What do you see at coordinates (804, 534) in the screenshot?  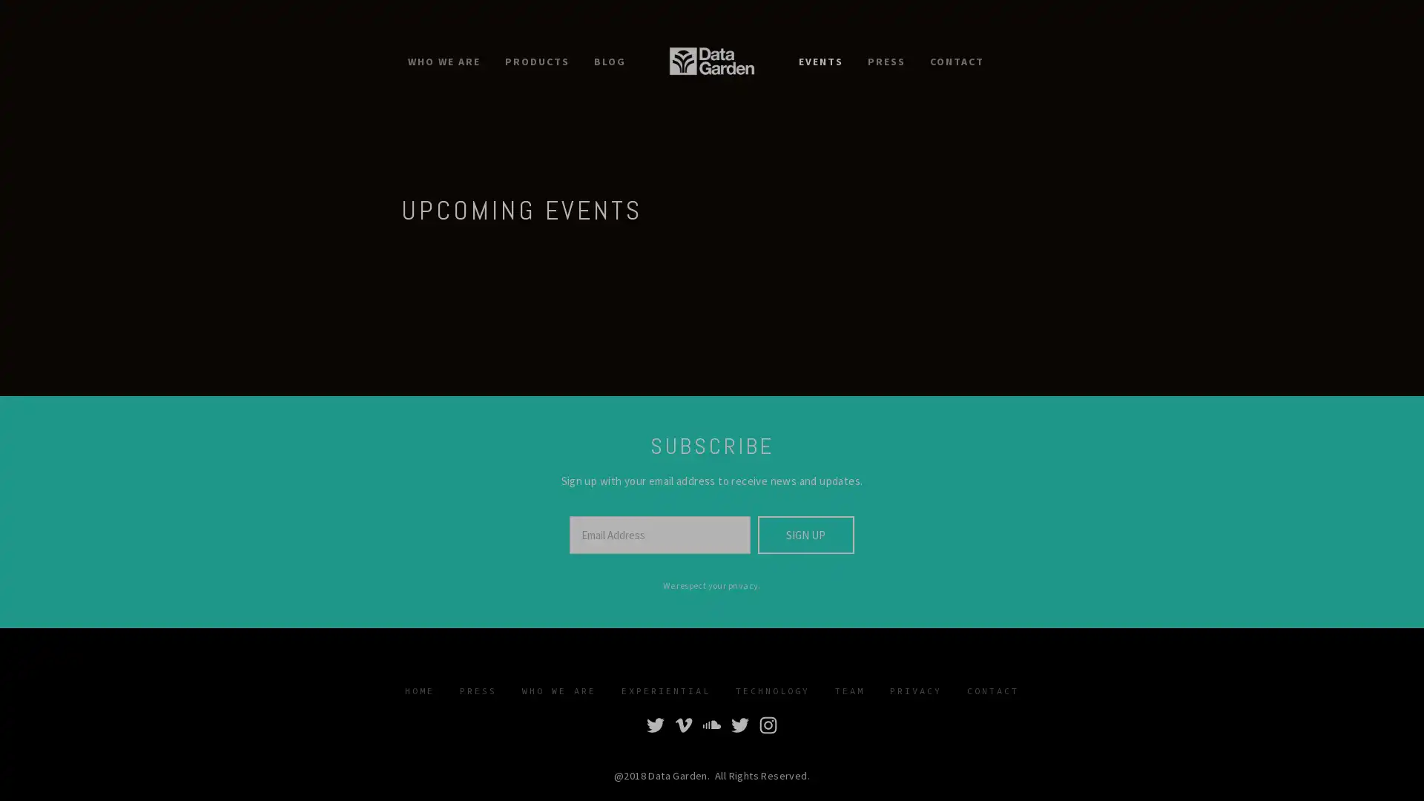 I see `SIGN UP` at bounding box center [804, 534].